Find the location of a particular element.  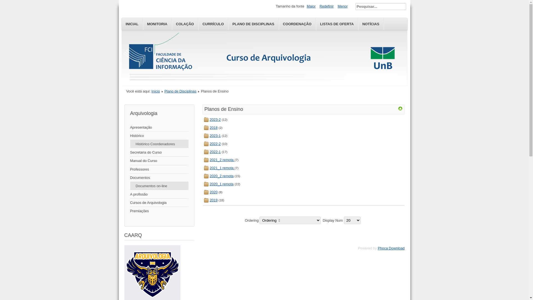

'2022-1' is located at coordinates (215, 152).